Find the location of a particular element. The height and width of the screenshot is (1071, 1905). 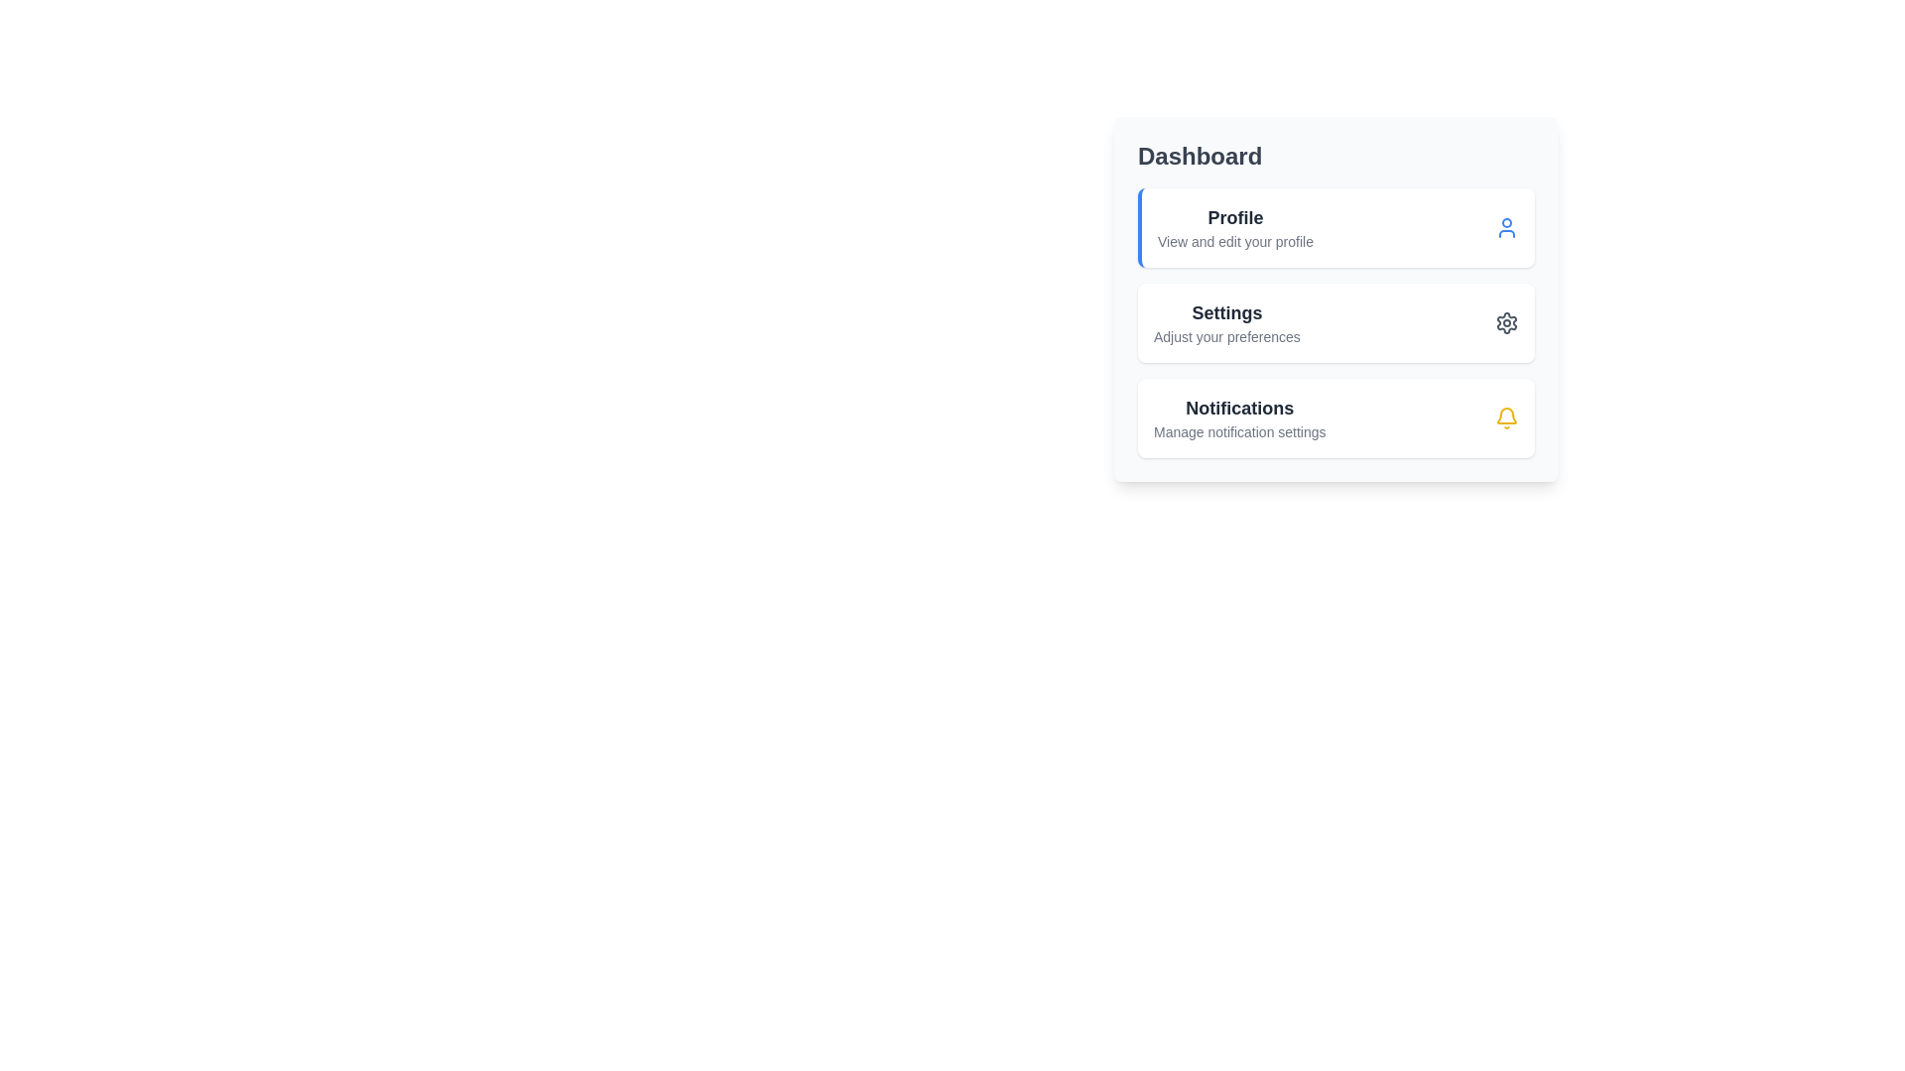

the 'Notifications' text label, which is styled in a large, bold font and dark gray color, located beneath the 'Dashboard' header in the third slot of a vertical list is located at coordinates (1238, 408).